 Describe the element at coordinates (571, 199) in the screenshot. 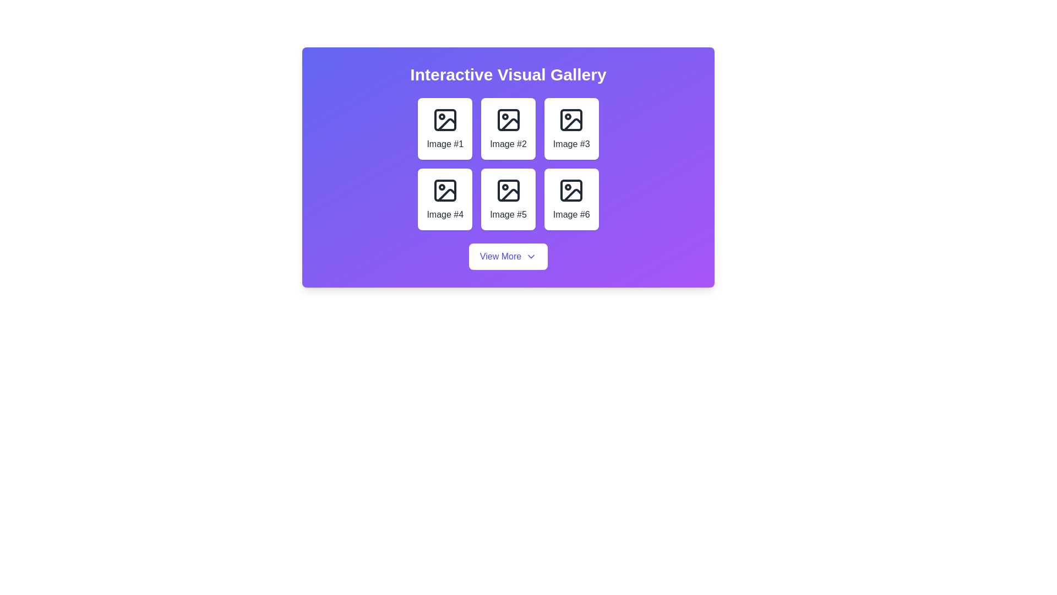

I see `the Card element in the grid layout that displays an image icon and the caption 'Image #6'` at that location.